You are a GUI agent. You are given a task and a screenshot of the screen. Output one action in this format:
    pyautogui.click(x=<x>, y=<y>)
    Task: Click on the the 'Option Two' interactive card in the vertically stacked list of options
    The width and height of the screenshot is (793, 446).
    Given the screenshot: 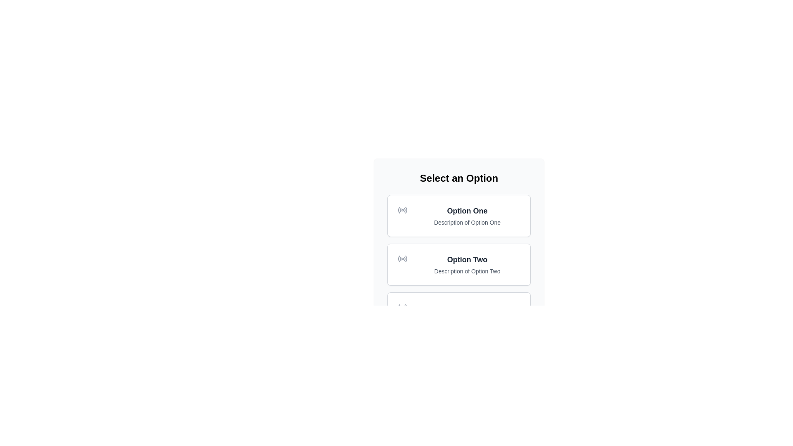 What is the action you would take?
    pyautogui.click(x=458, y=264)
    